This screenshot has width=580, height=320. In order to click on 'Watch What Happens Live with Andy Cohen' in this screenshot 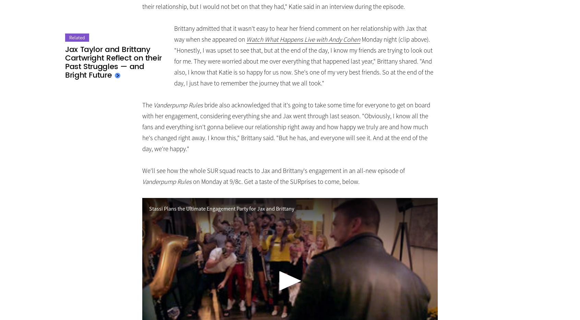, I will do `click(246, 39)`.